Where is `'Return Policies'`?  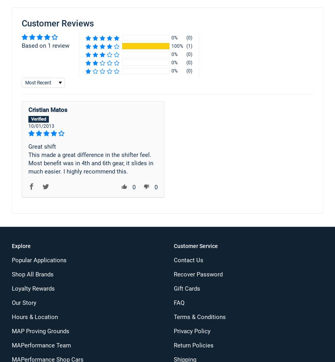
'Return Policies' is located at coordinates (194, 345).